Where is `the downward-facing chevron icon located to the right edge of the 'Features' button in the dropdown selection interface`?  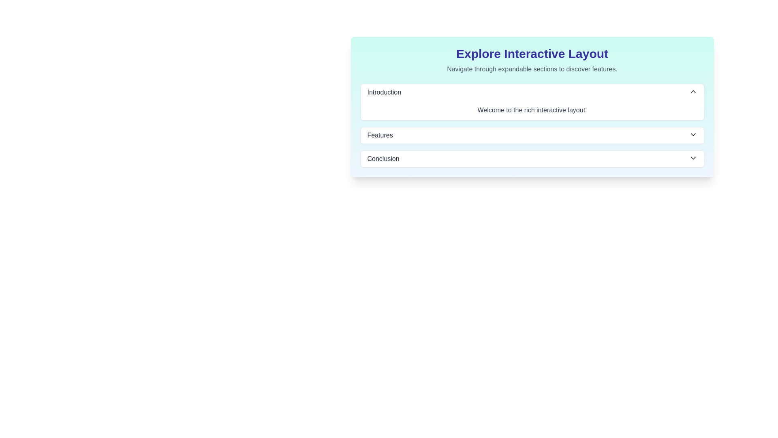
the downward-facing chevron icon located to the right edge of the 'Features' button in the dropdown selection interface is located at coordinates (693, 134).